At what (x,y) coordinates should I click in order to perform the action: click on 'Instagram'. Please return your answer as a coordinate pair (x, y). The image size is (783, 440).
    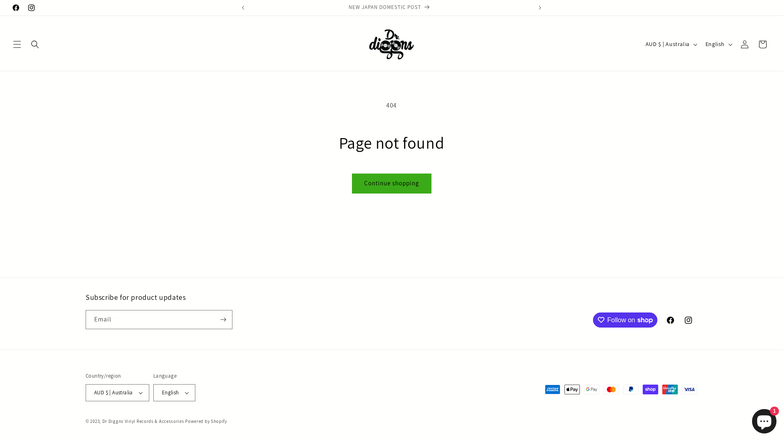
    Looking at the image, I should click on (31, 8).